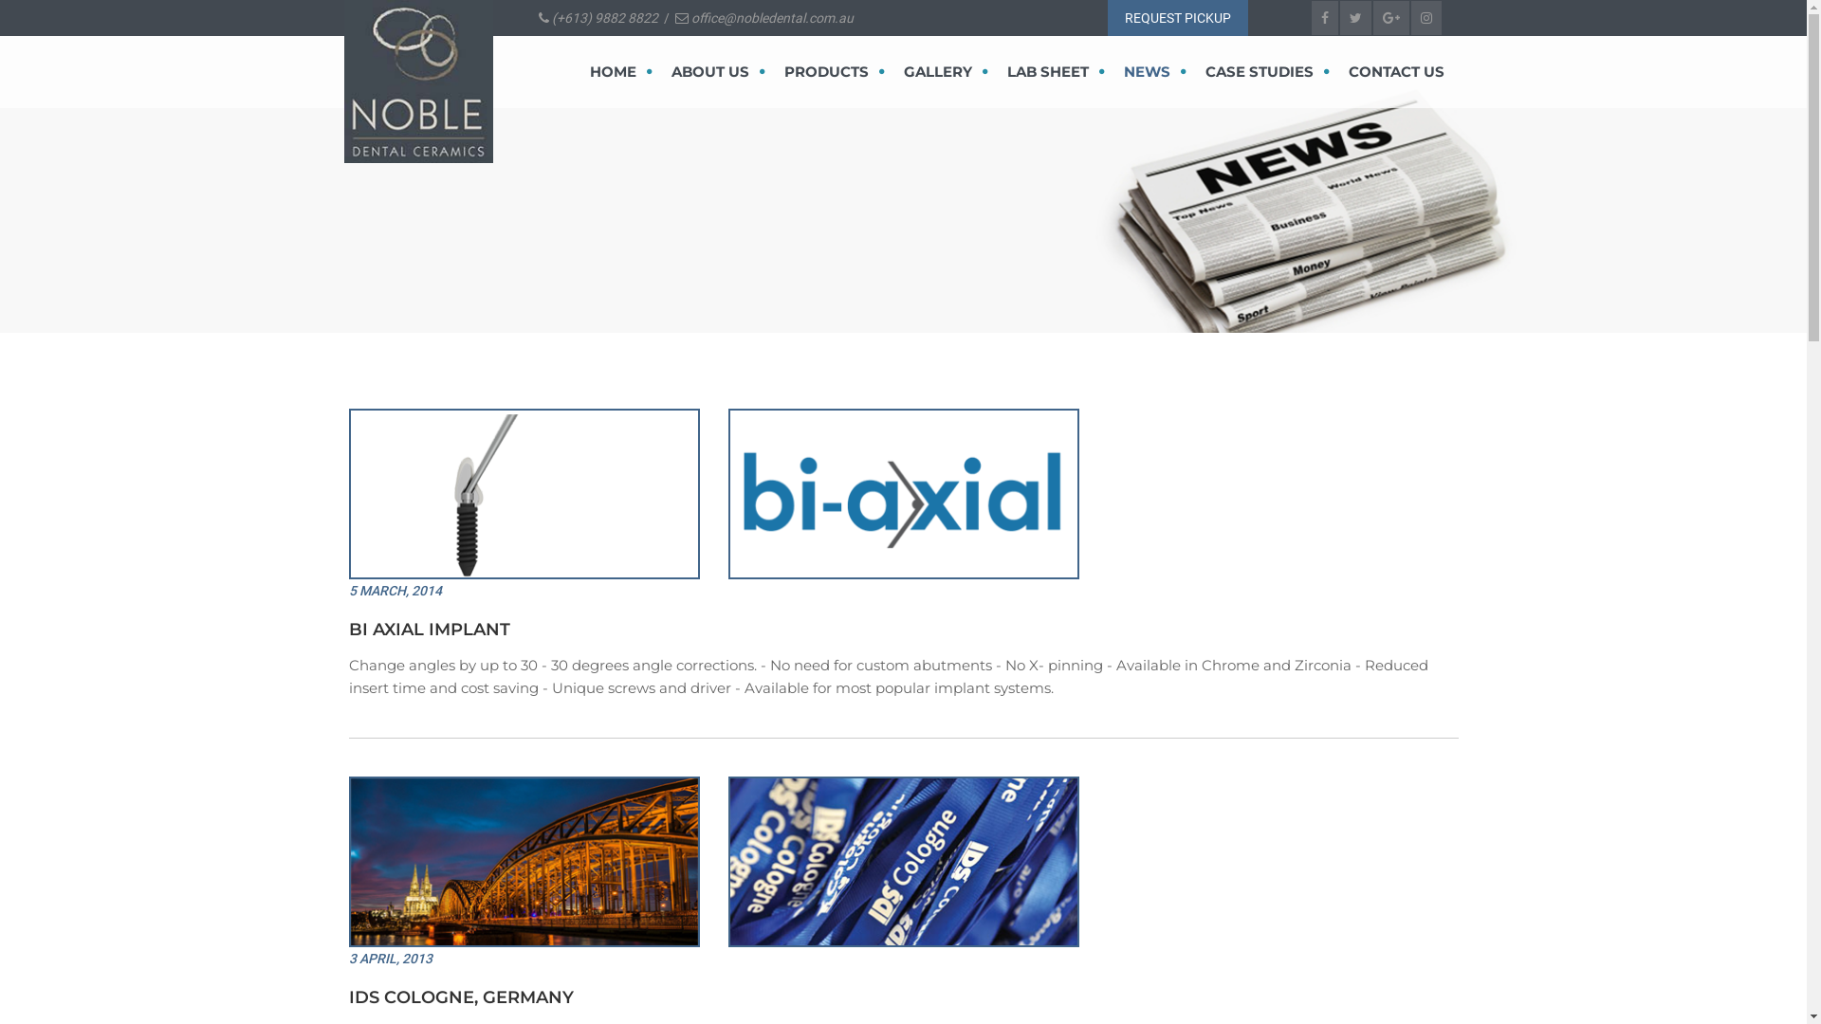  I want to click on 'ABOUT US', so click(661, 71).